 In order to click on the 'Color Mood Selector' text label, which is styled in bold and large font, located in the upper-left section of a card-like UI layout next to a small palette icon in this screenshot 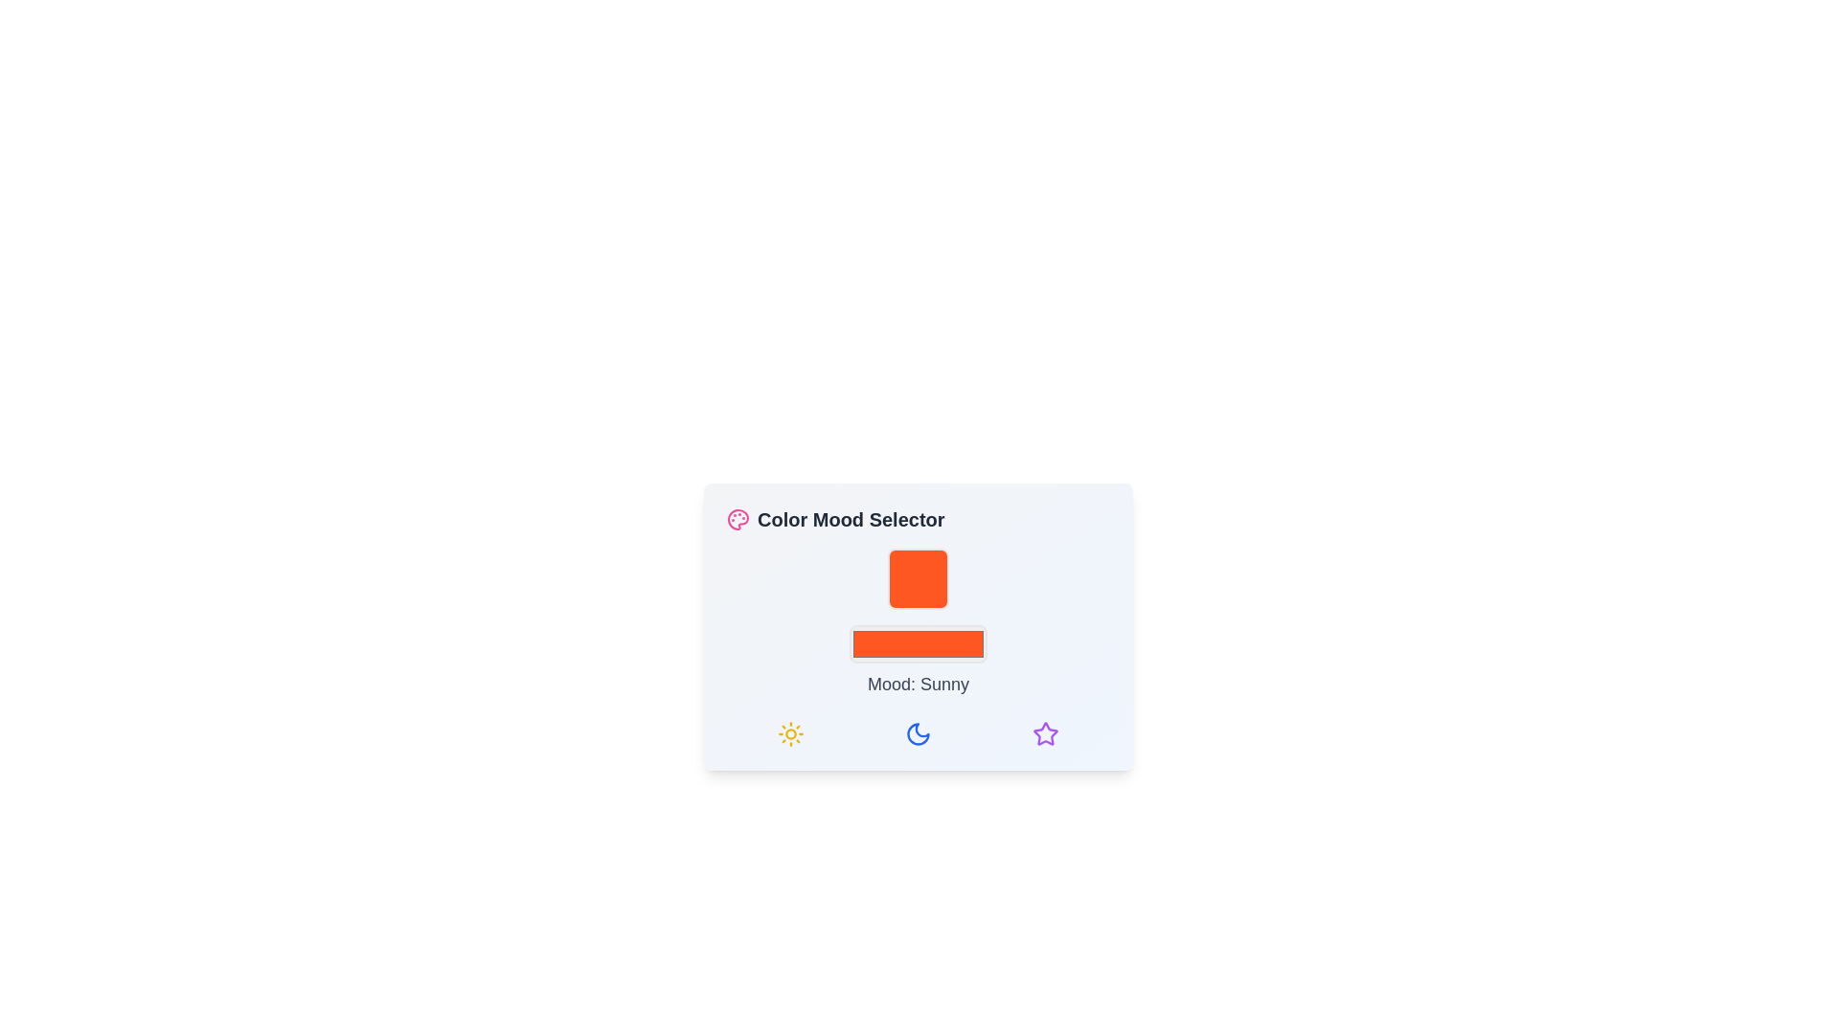, I will do `click(850, 520)`.